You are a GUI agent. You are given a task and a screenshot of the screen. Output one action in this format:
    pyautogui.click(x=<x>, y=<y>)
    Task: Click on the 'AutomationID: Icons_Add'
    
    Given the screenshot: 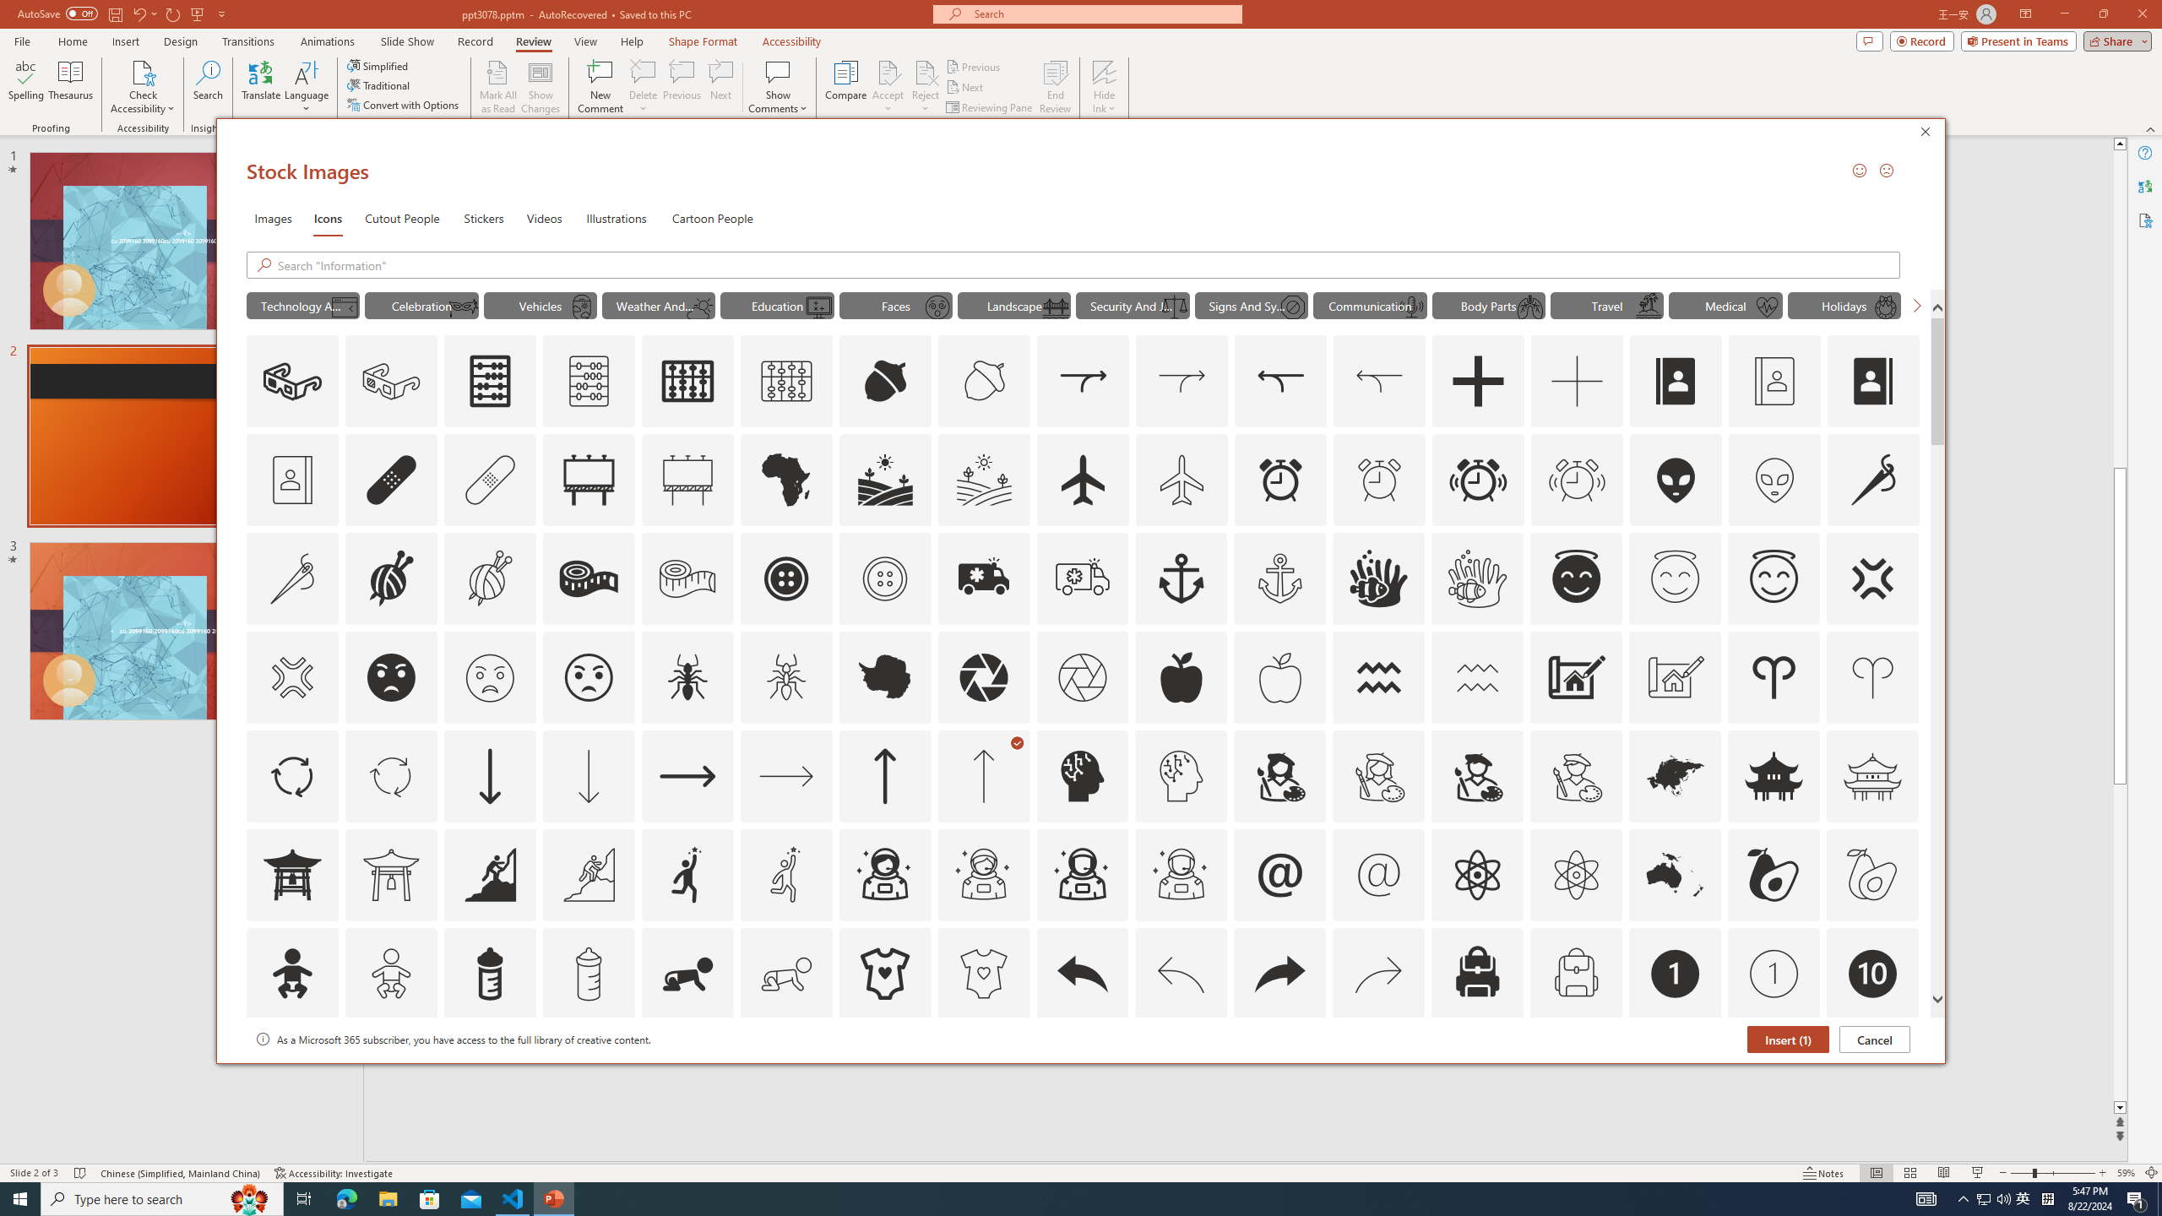 What is the action you would take?
    pyautogui.click(x=1478, y=381)
    